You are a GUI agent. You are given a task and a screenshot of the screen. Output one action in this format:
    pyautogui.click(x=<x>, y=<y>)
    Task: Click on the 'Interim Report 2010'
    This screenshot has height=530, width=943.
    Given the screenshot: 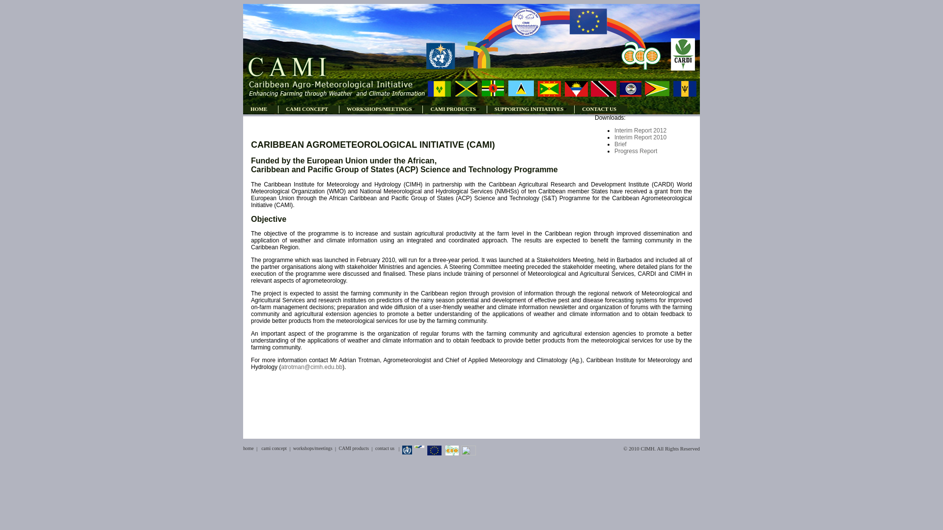 What is the action you would take?
    pyautogui.click(x=614, y=137)
    